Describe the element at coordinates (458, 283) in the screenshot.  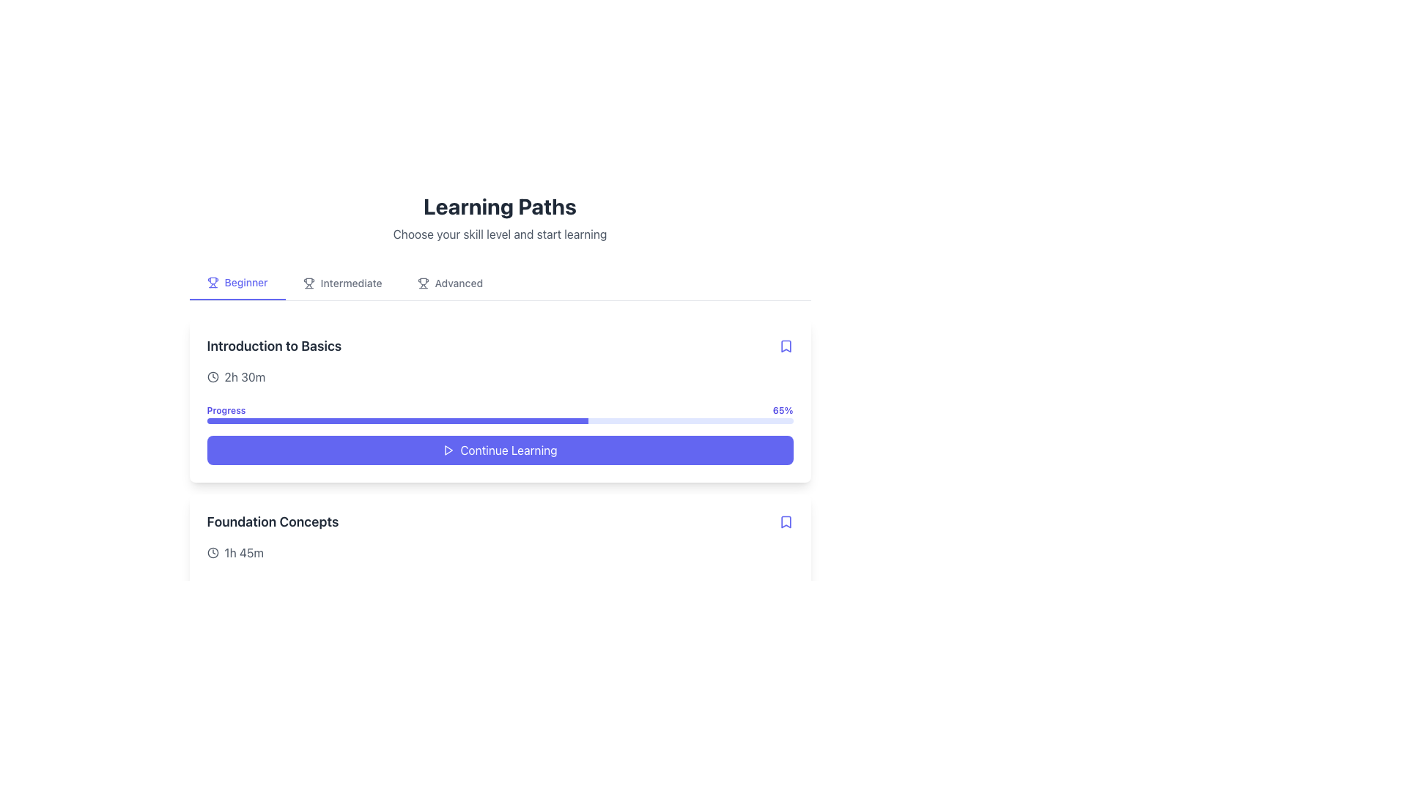
I see `the text label reading 'Advanced', which is the last option in a row of skill level indicators and is styled in a medium gray font` at that location.